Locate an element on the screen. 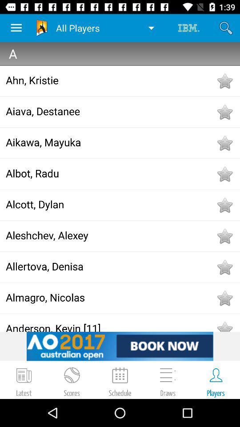 The height and width of the screenshot is (427, 240). option is located at coordinates (224, 267).